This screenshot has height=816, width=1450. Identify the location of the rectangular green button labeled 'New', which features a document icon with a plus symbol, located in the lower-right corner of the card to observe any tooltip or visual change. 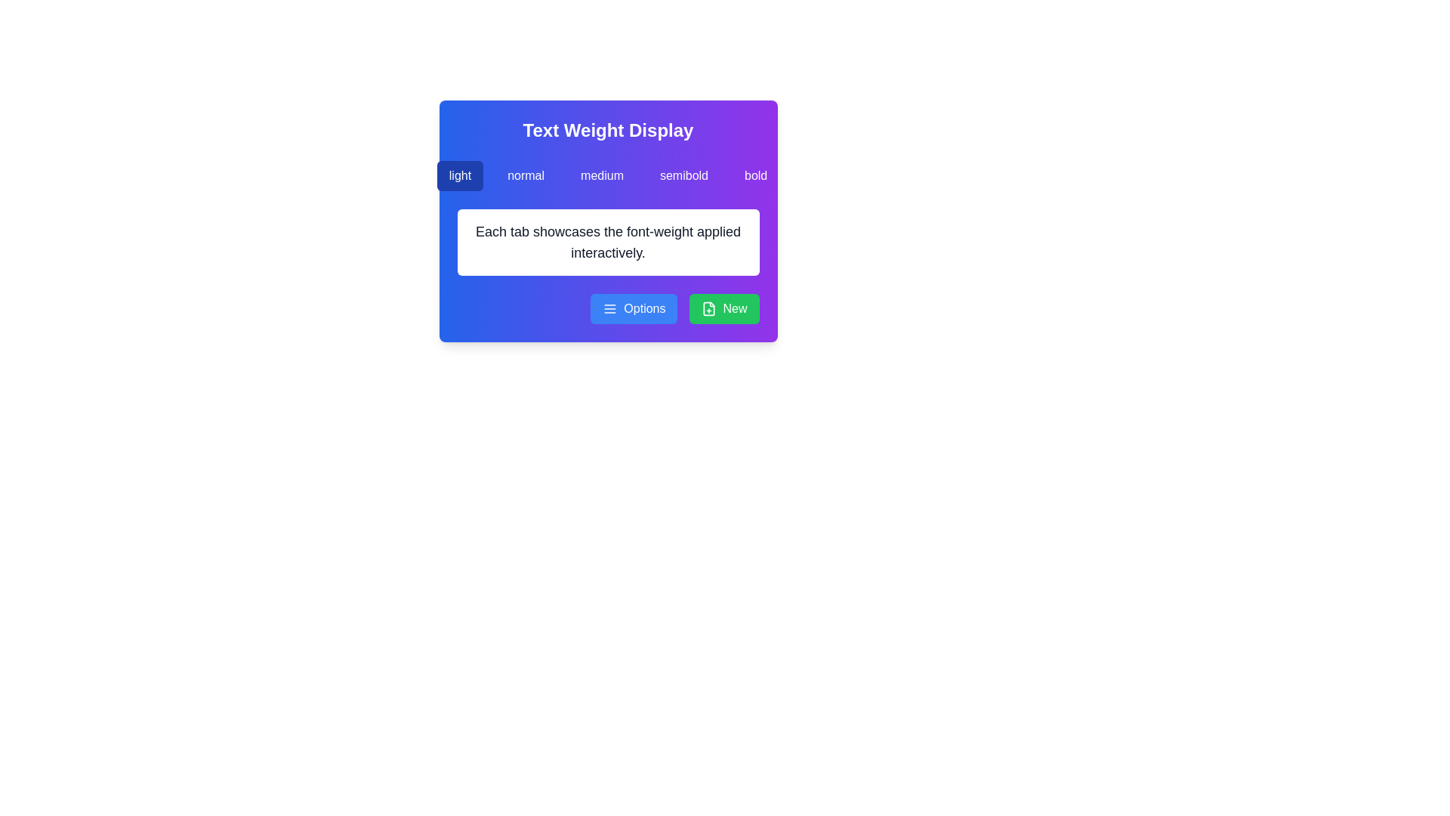
(723, 308).